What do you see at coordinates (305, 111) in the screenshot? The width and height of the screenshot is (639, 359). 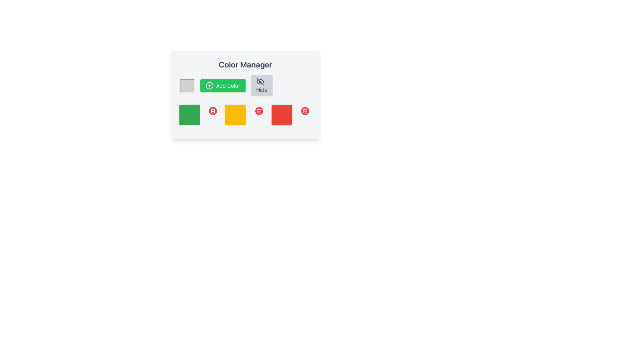 I see `the delete button located at the top-right corner of a colored square` at bounding box center [305, 111].